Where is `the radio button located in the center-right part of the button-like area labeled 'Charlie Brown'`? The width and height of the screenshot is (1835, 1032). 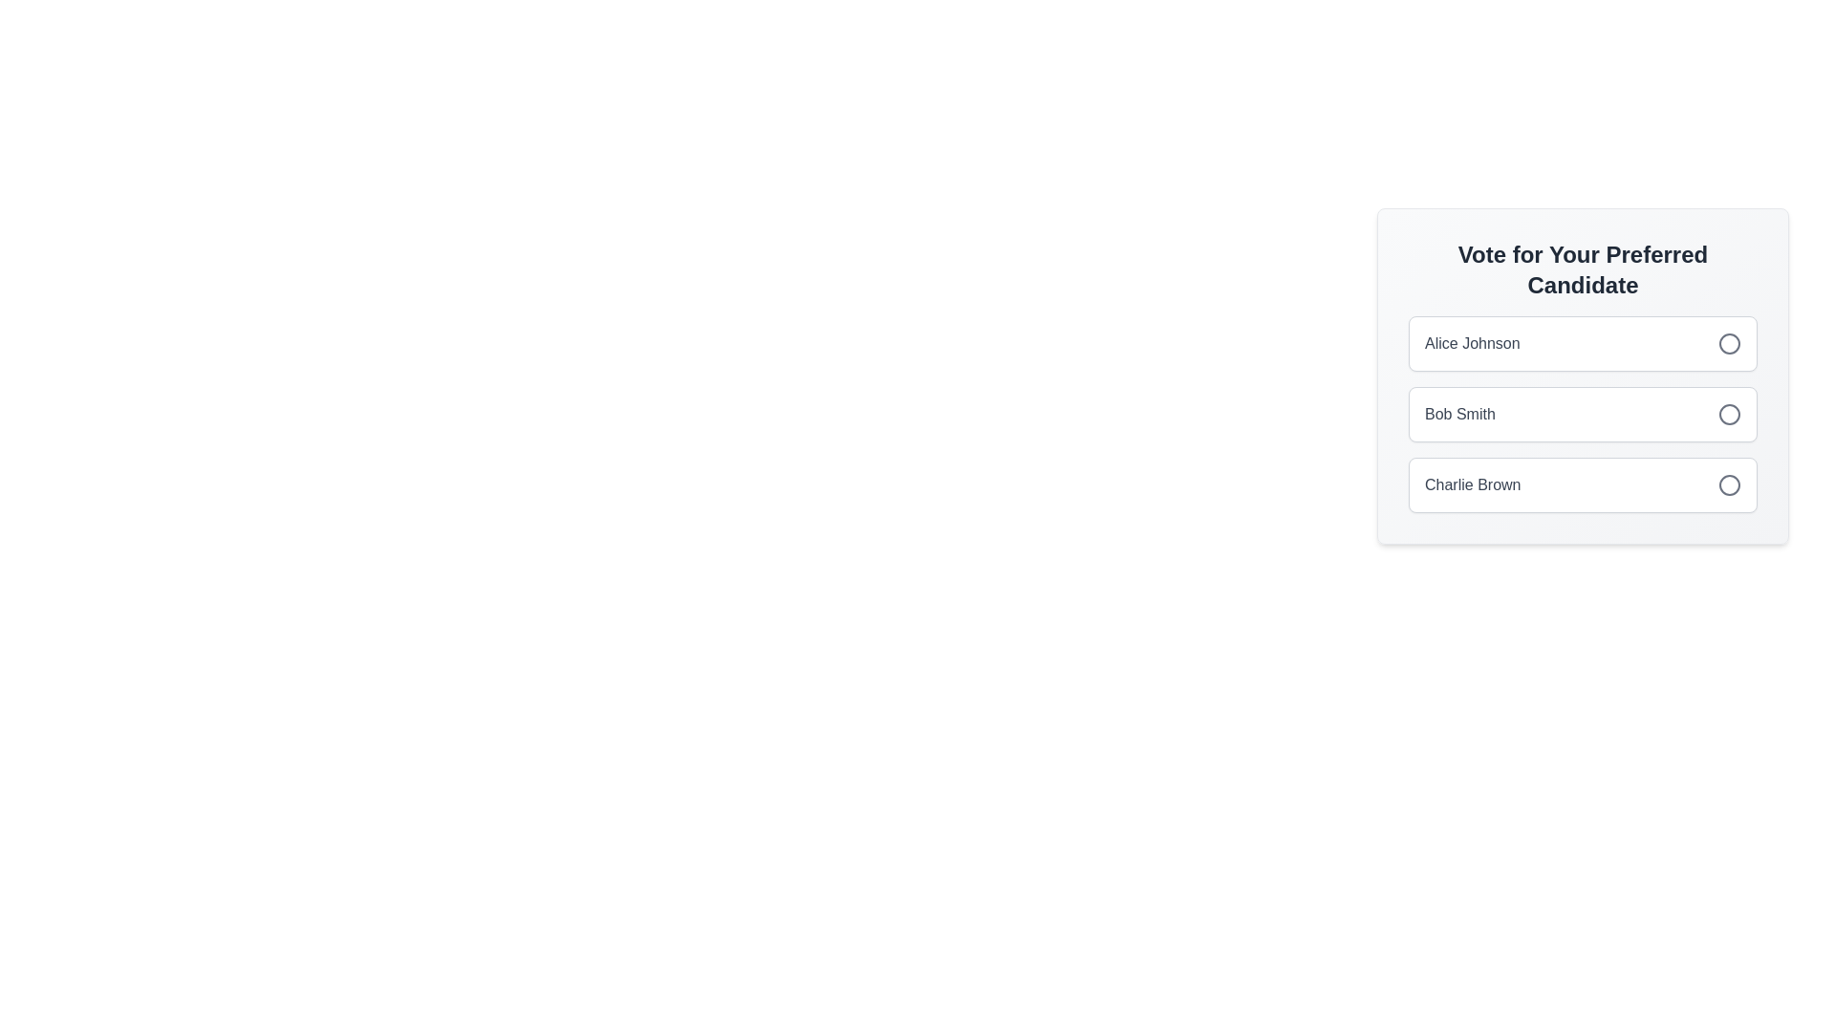
the radio button located in the center-right part of the button-like area labeled 'Charlie Brown' is located at coordinates (1729, 484).